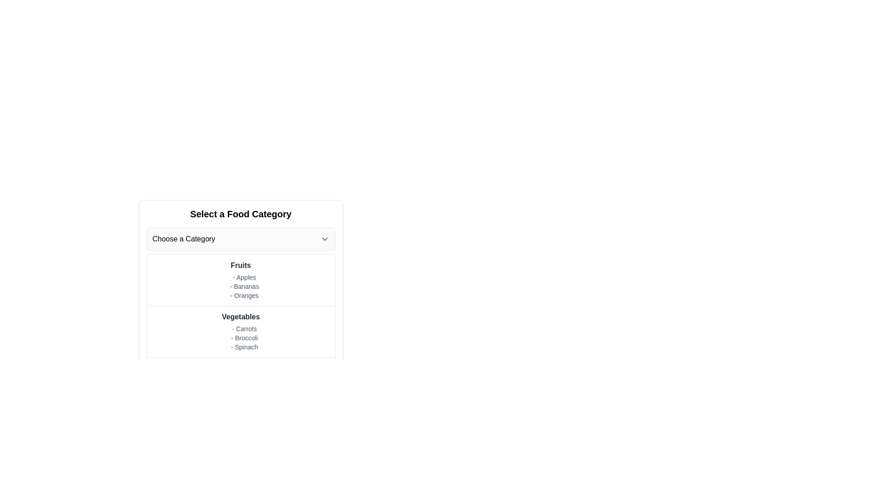 This screenshot has width=875, height=492. I want to click on the text item '- Carrots' in the vegetable list, which is styled with a small-sized sans-serif font and is the first item under the 'Vegetables' section, so click(244, 328).